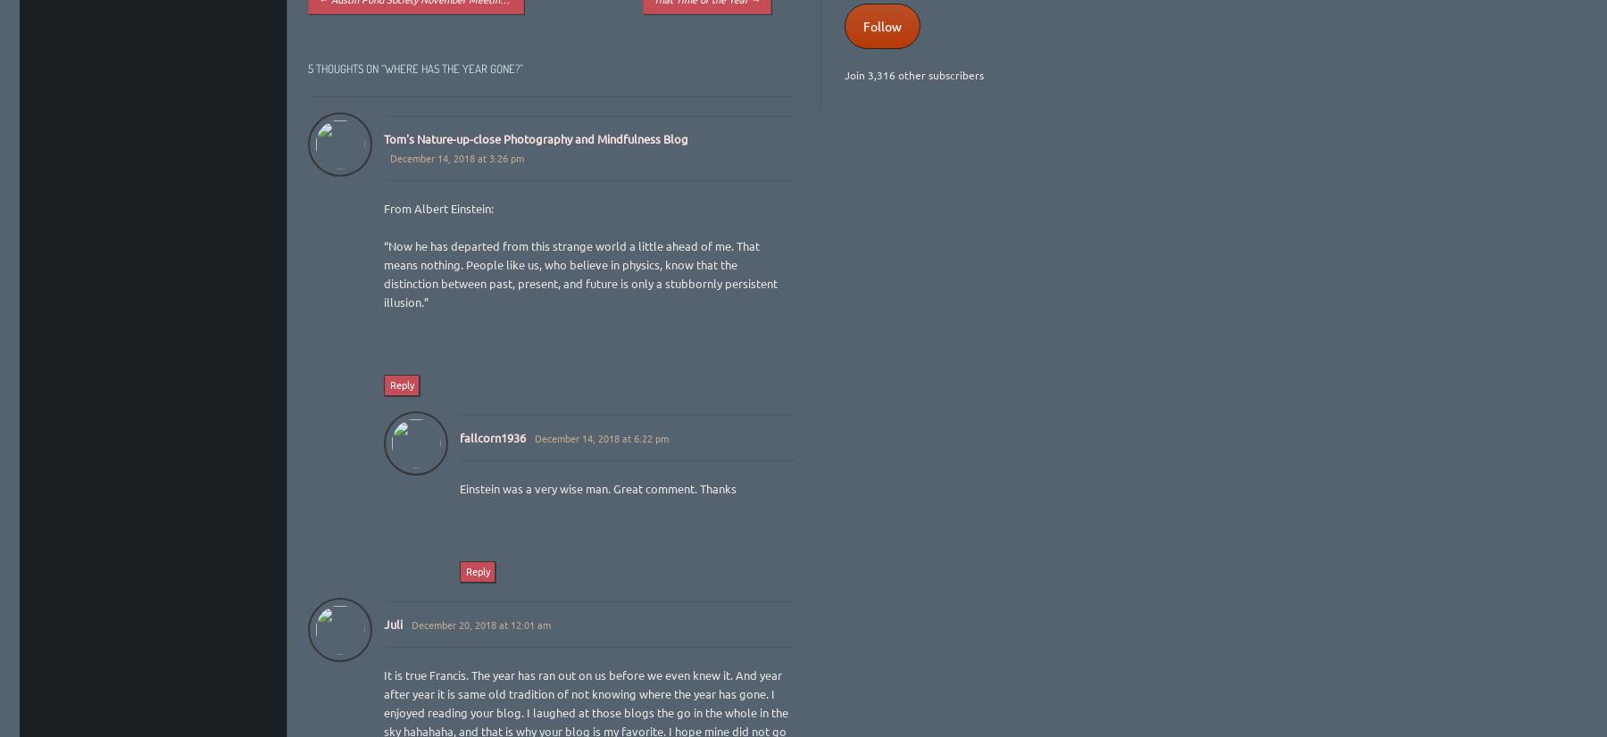 The image size is (1607, 737). I want to click on 'December 14, 2018 at 6:22 pm', so click(601, 436).